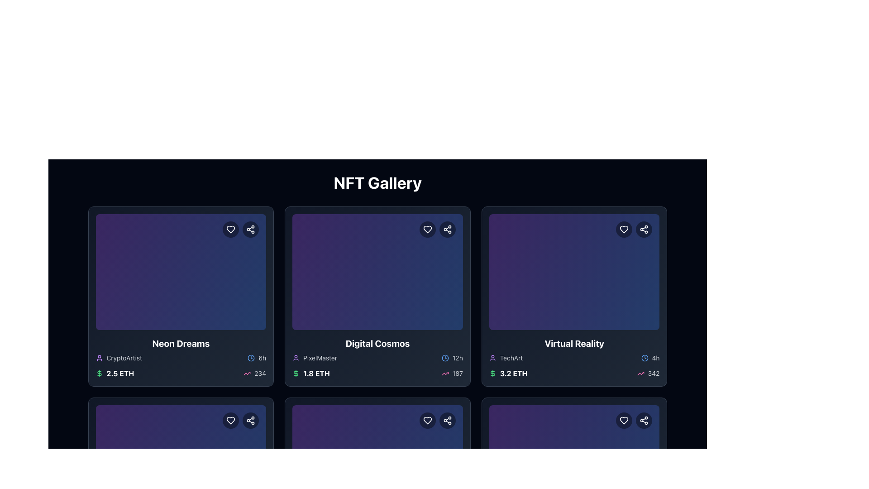  I want to click on the circular clock-like icon with a neutral gray outline located at the top-right corner of the 'Digital Cosmos' card, so click(445, 357).